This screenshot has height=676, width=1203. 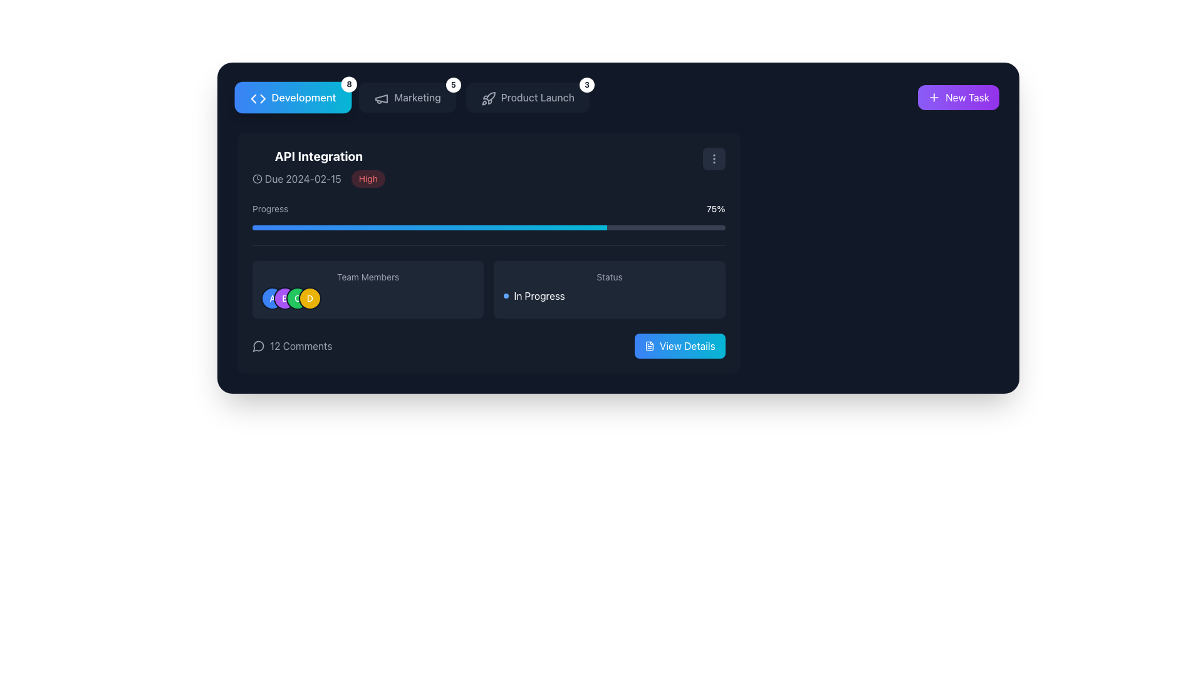 I want to click on the 'Marketing' button, which is the second button in a row of three, so click(x=407, y=96).